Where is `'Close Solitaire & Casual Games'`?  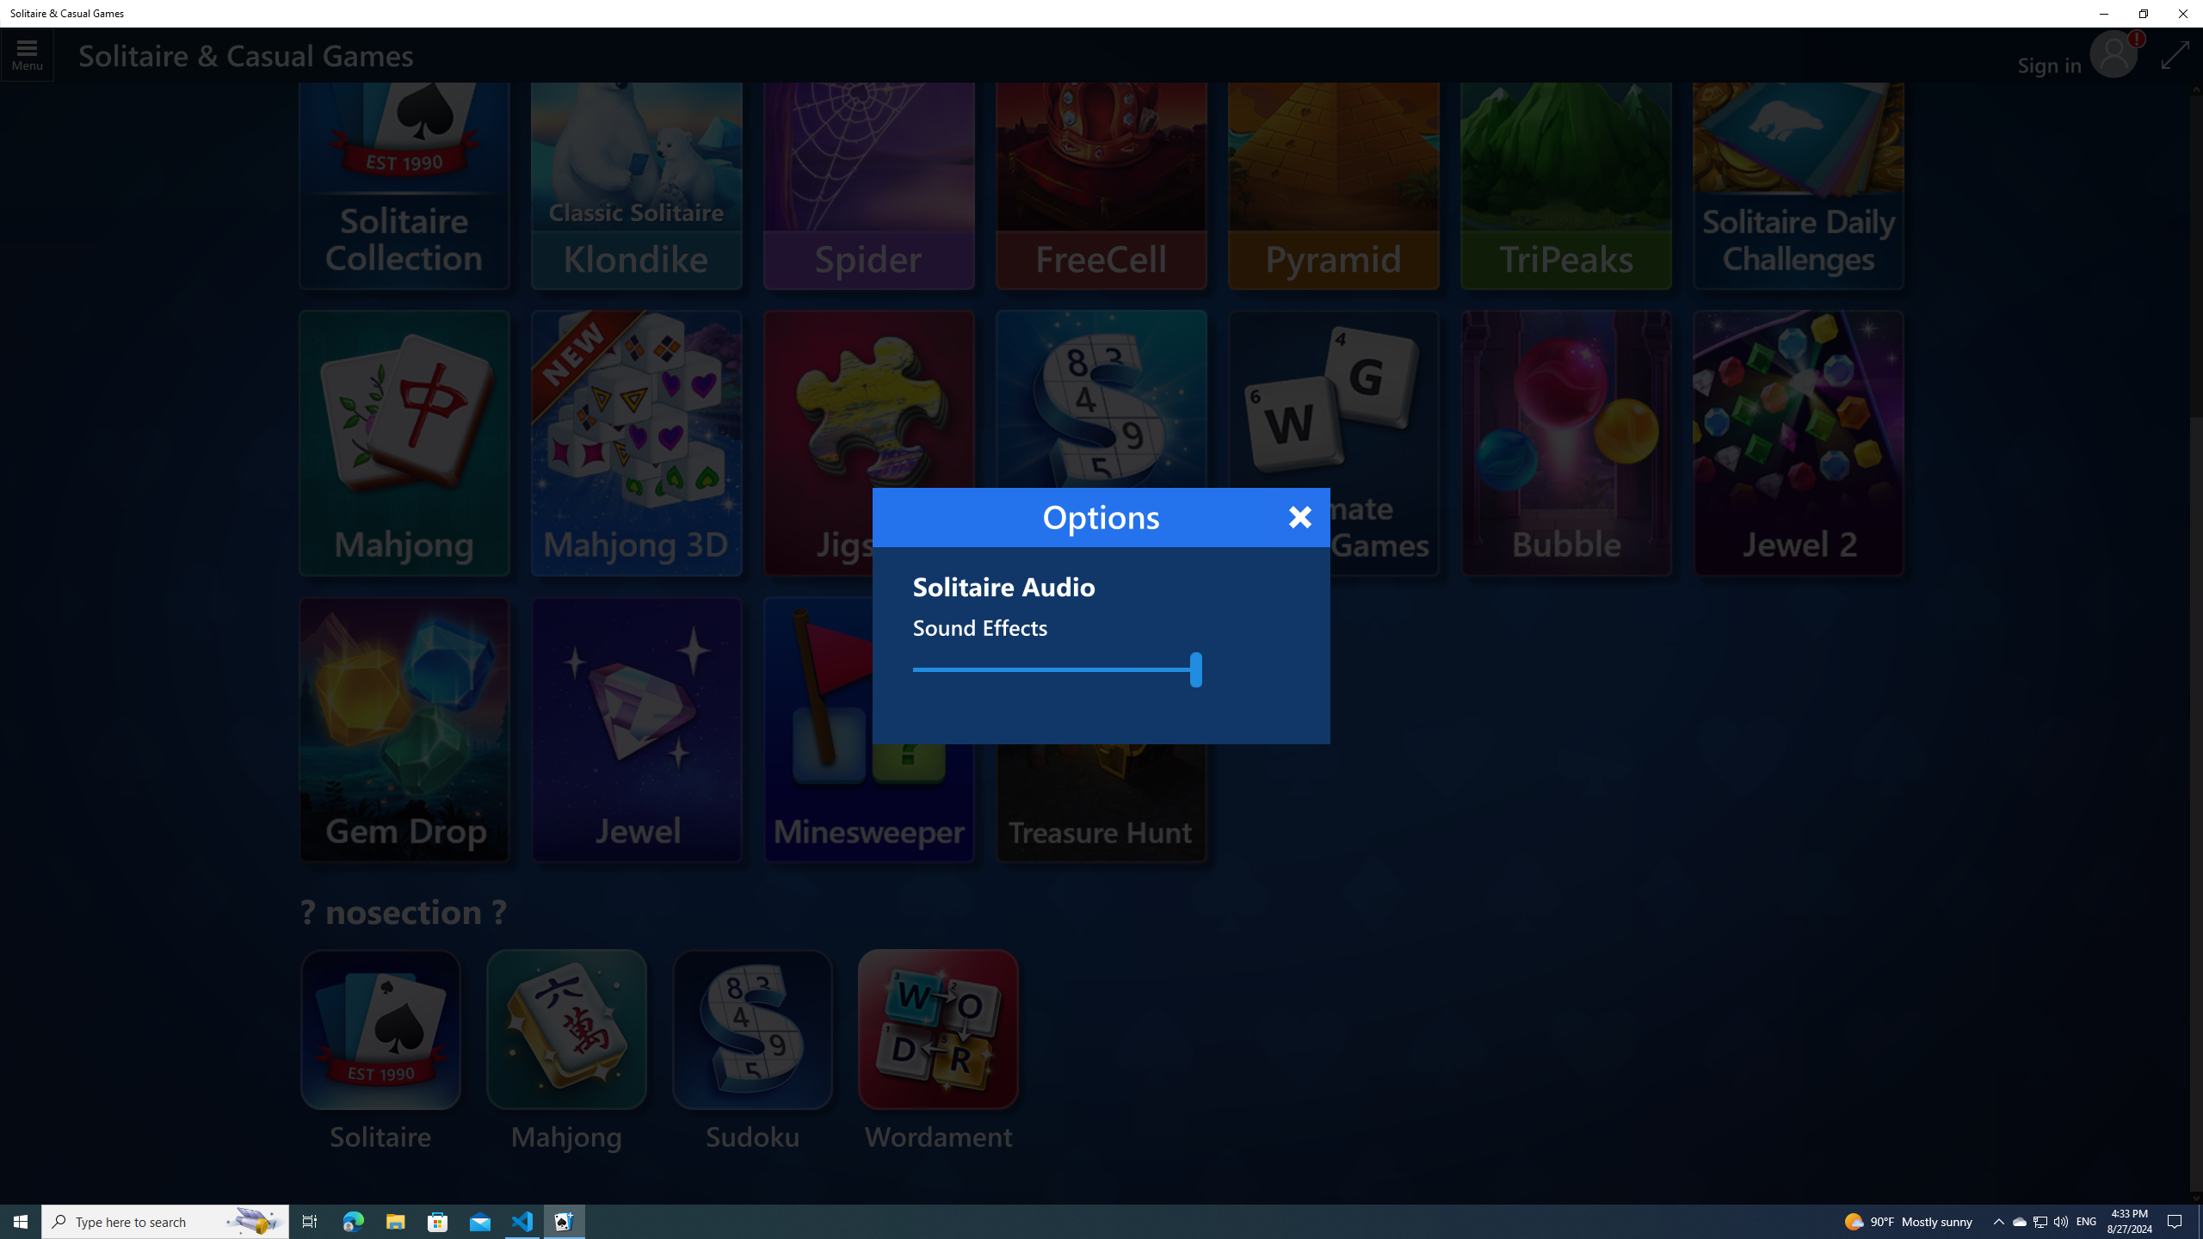
'Close Solitaire & Casual Games' is located at coordinates (2181, 13).